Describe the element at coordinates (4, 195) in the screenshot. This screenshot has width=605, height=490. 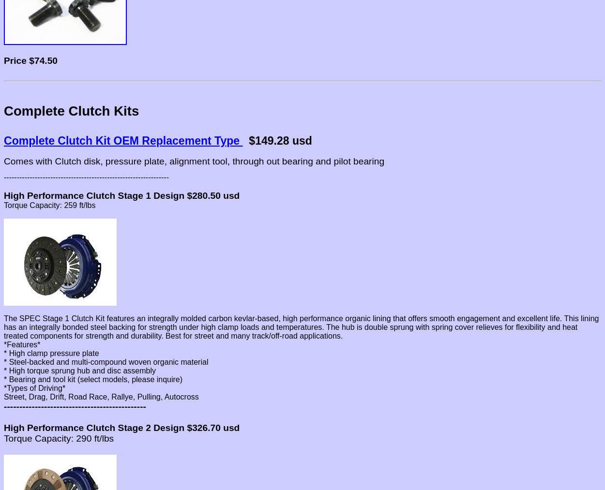
I see `'High Performance Clutch Stage 1 Design $280.50 usd'` at that location.